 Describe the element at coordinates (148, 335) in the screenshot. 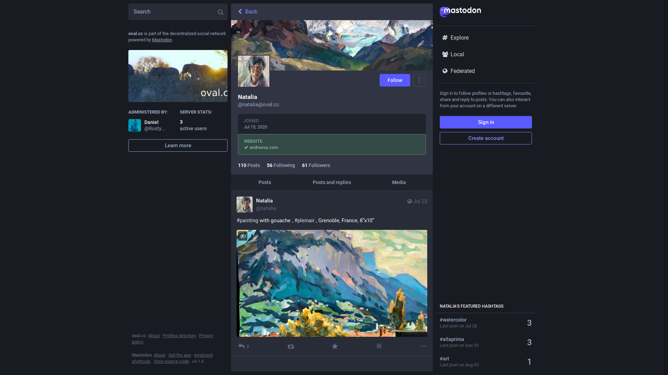

I see `'About'` at that location.